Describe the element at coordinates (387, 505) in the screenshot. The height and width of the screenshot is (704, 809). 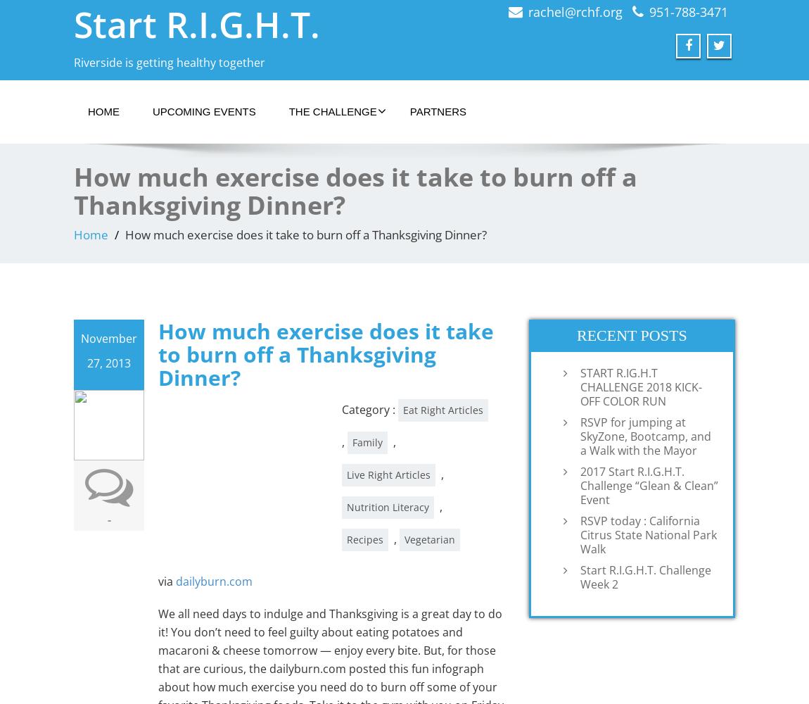
I see `'Nutrition Literacy'` at that location.